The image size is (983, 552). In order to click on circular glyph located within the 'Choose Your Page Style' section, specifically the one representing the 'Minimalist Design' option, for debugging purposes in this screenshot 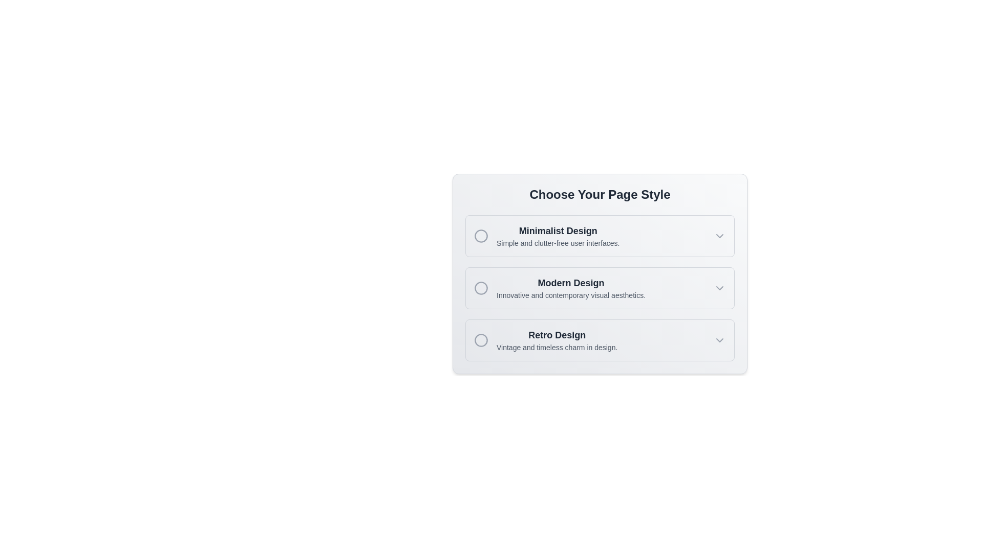, I will do `click(481, 236)`.